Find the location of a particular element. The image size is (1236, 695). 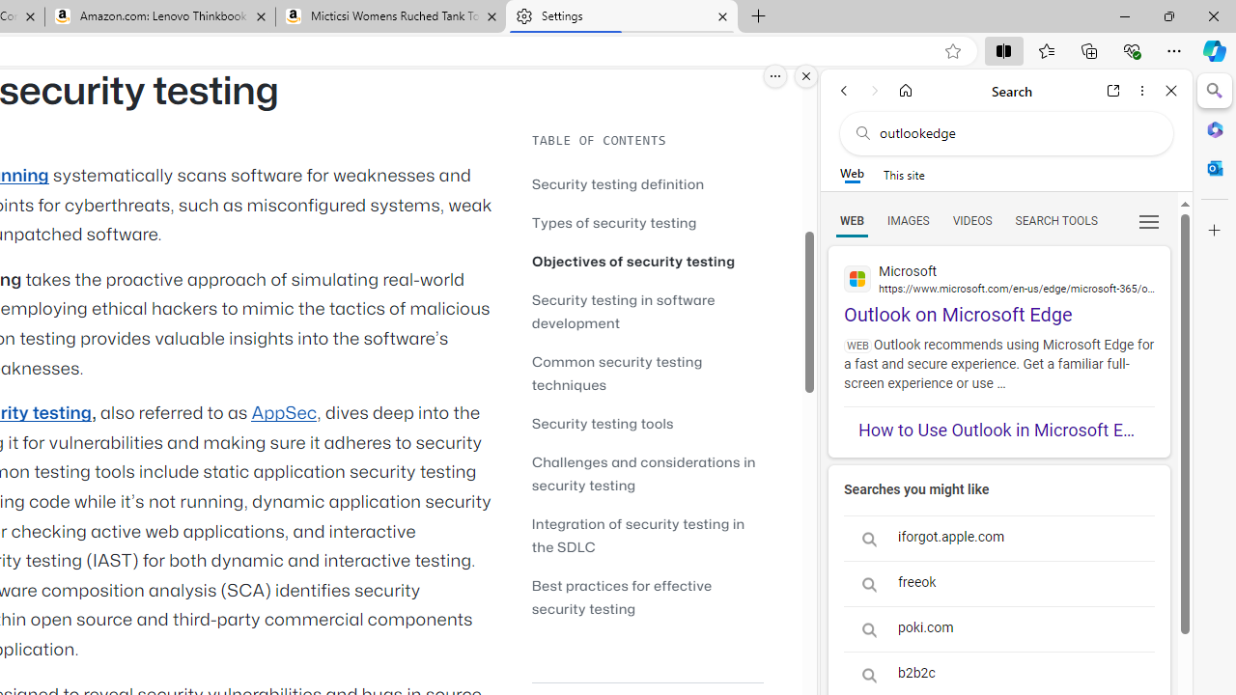

'Objectives of security testing' is located at coordinates (647, 261).